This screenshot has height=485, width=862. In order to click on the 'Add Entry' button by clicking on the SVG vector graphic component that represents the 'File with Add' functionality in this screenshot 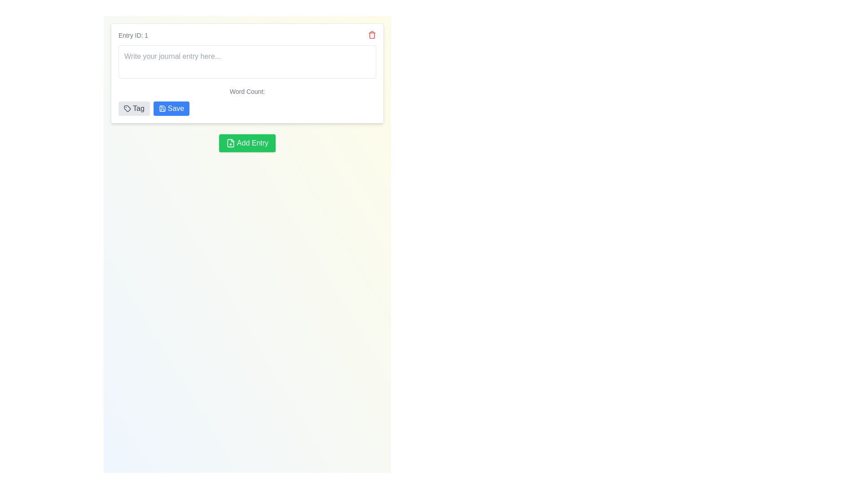, I will do `click(230, 143)`.